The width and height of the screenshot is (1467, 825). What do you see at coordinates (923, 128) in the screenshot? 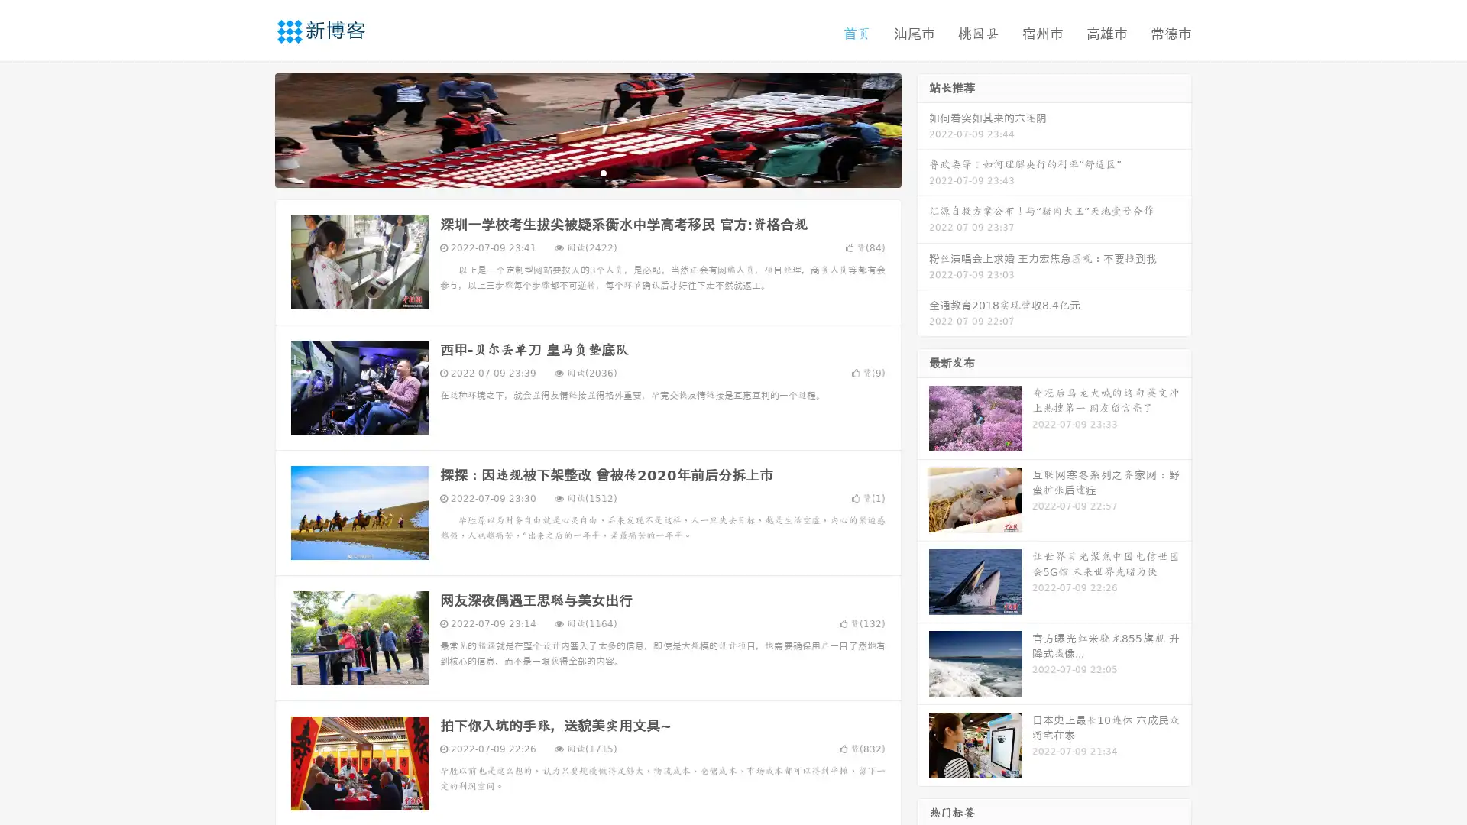
I see `Next slide` at bounding box center [923, 128].